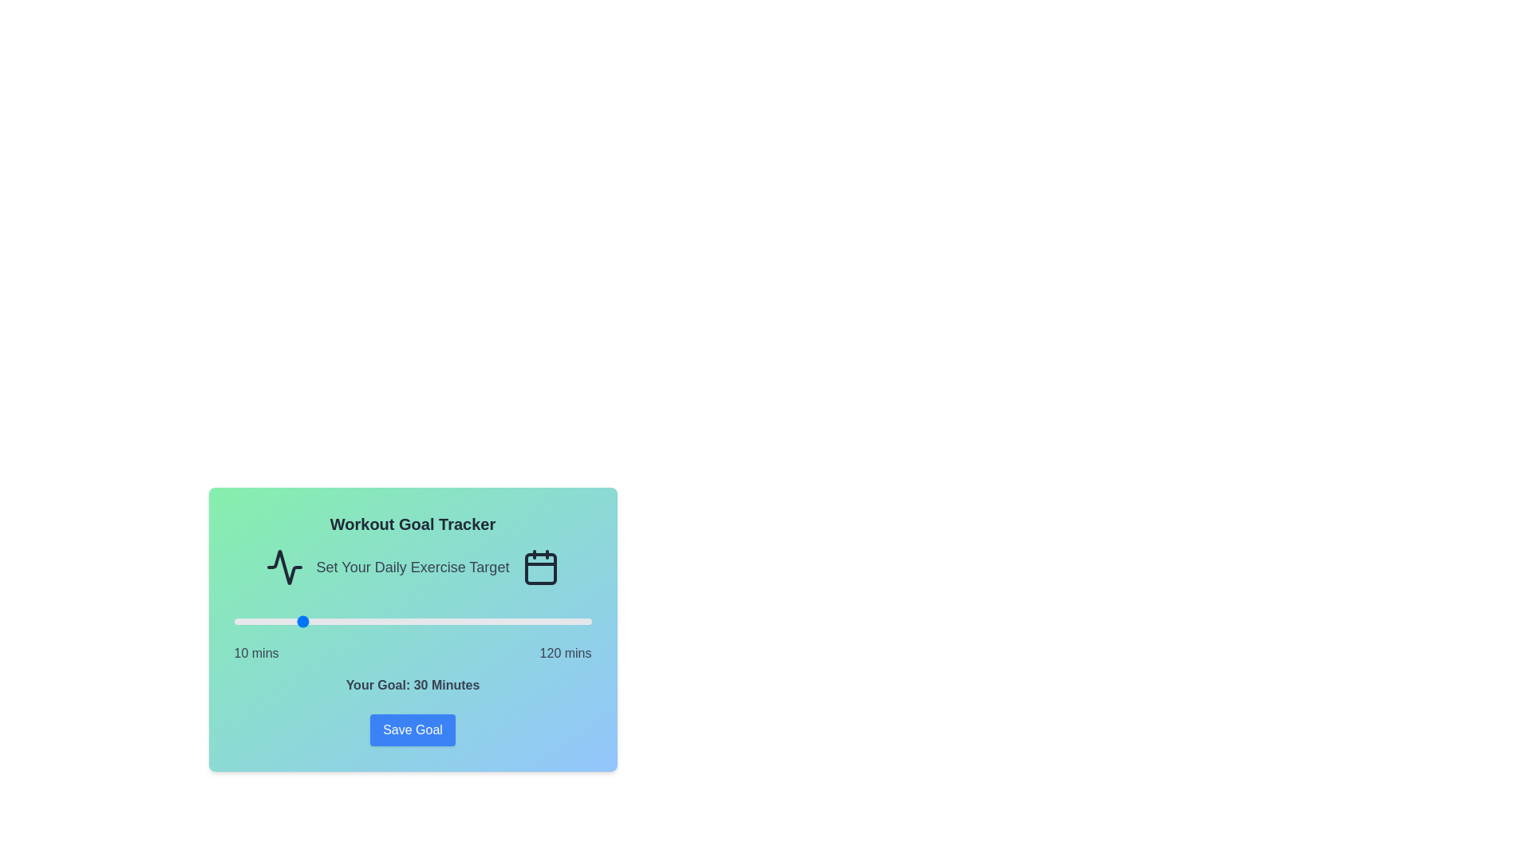  What do you see at coordinates (357, 621) in the screenshot?
I see `the workout goal slider to set the goal to 48 minutes` at bounding box center [357, 621].